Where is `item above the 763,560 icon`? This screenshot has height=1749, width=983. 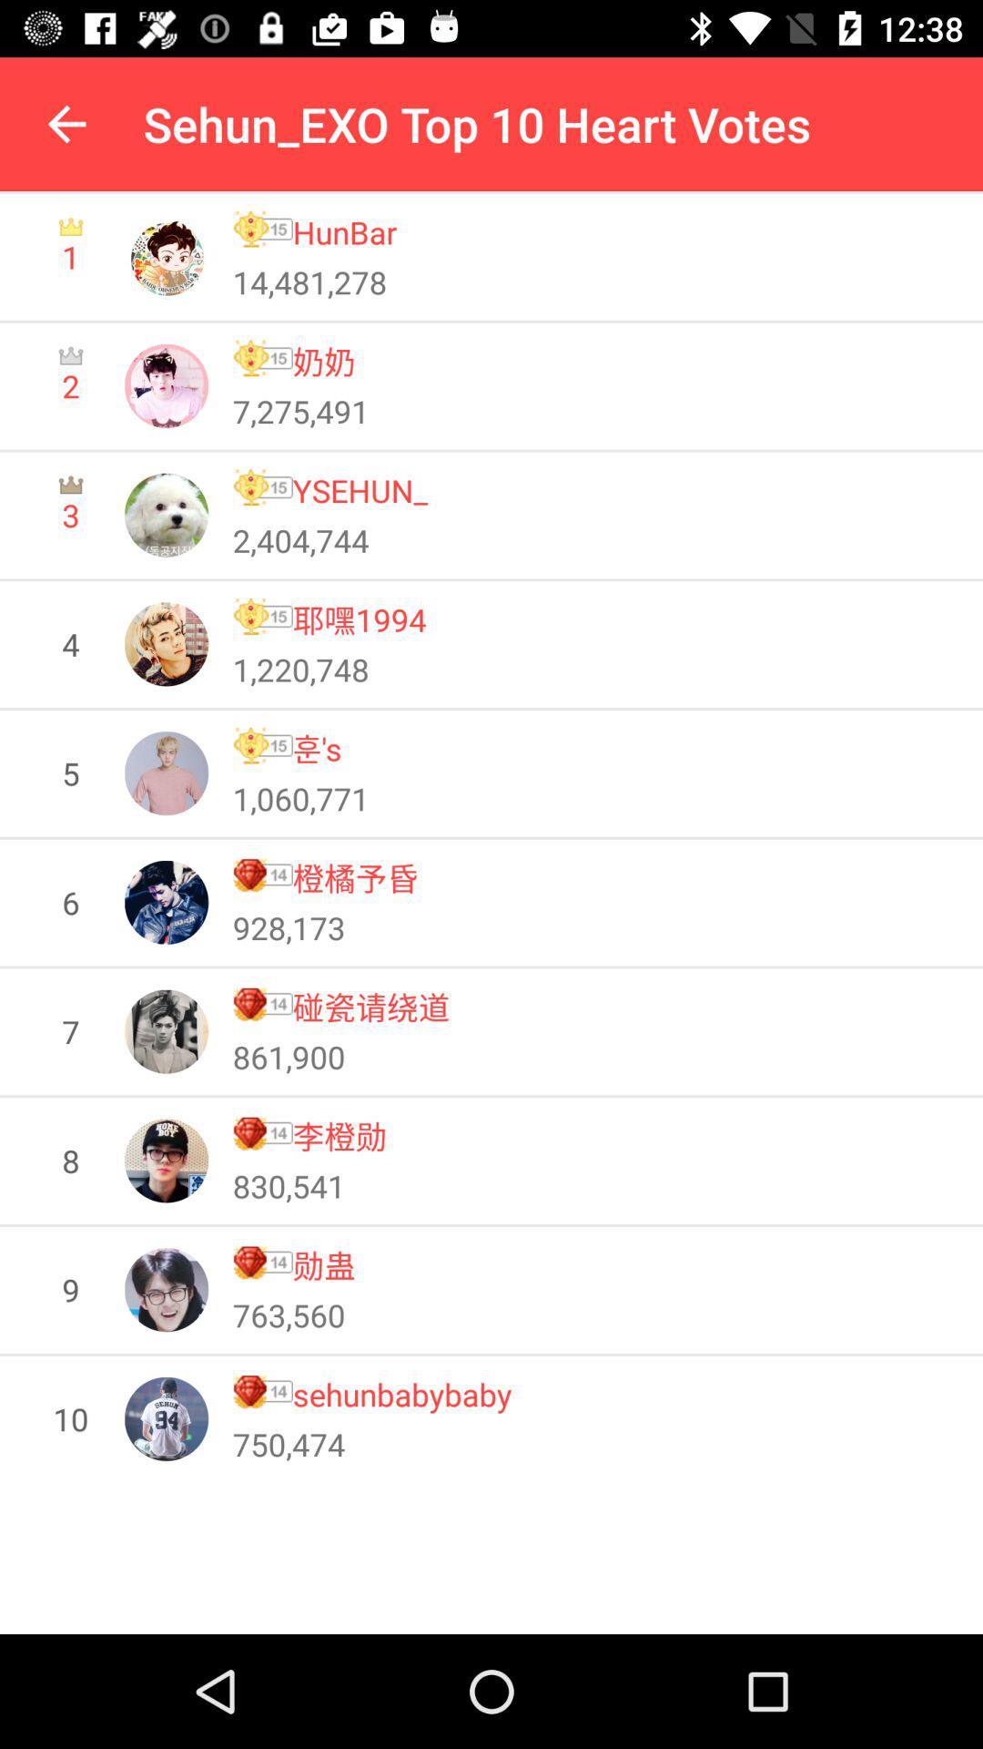
item above the 763,560 icon is located at coordinates (323, 1263).